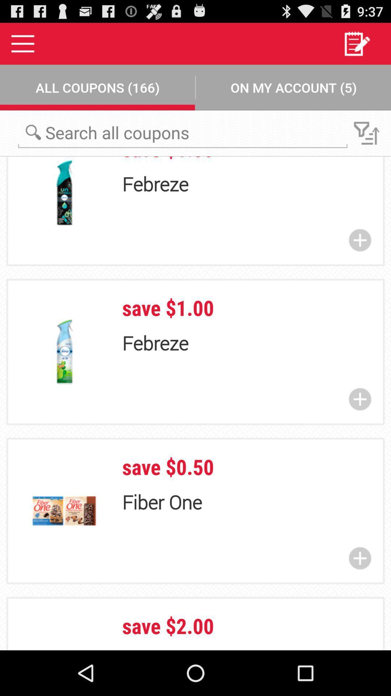  What do you see at coordinates (356, 46) in the screenshot?
I see `the edit icon` at bounding box center [356, 46].